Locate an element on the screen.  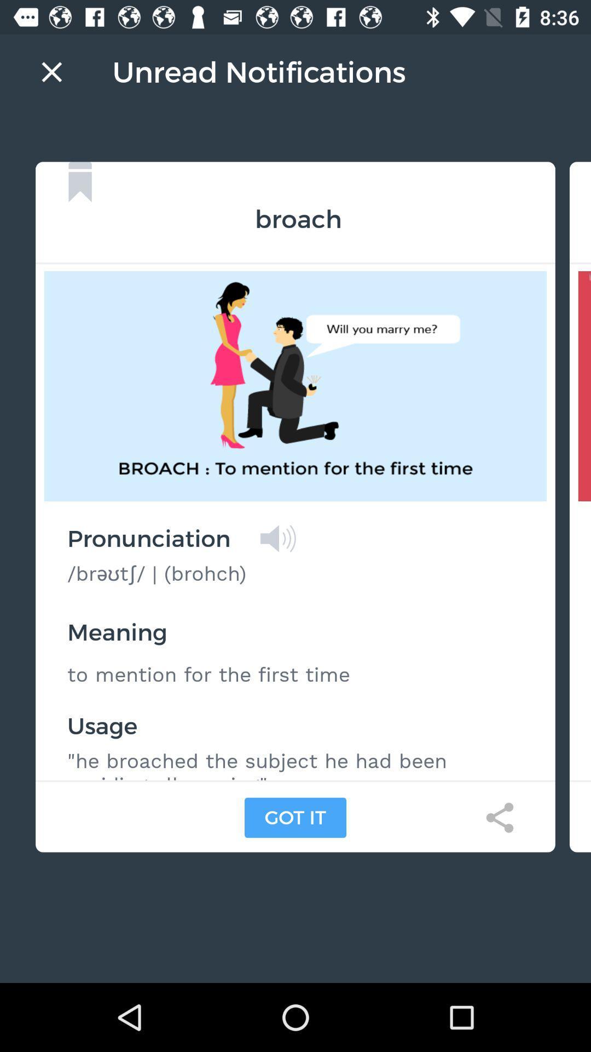
play is located at coordinates (277, 539).